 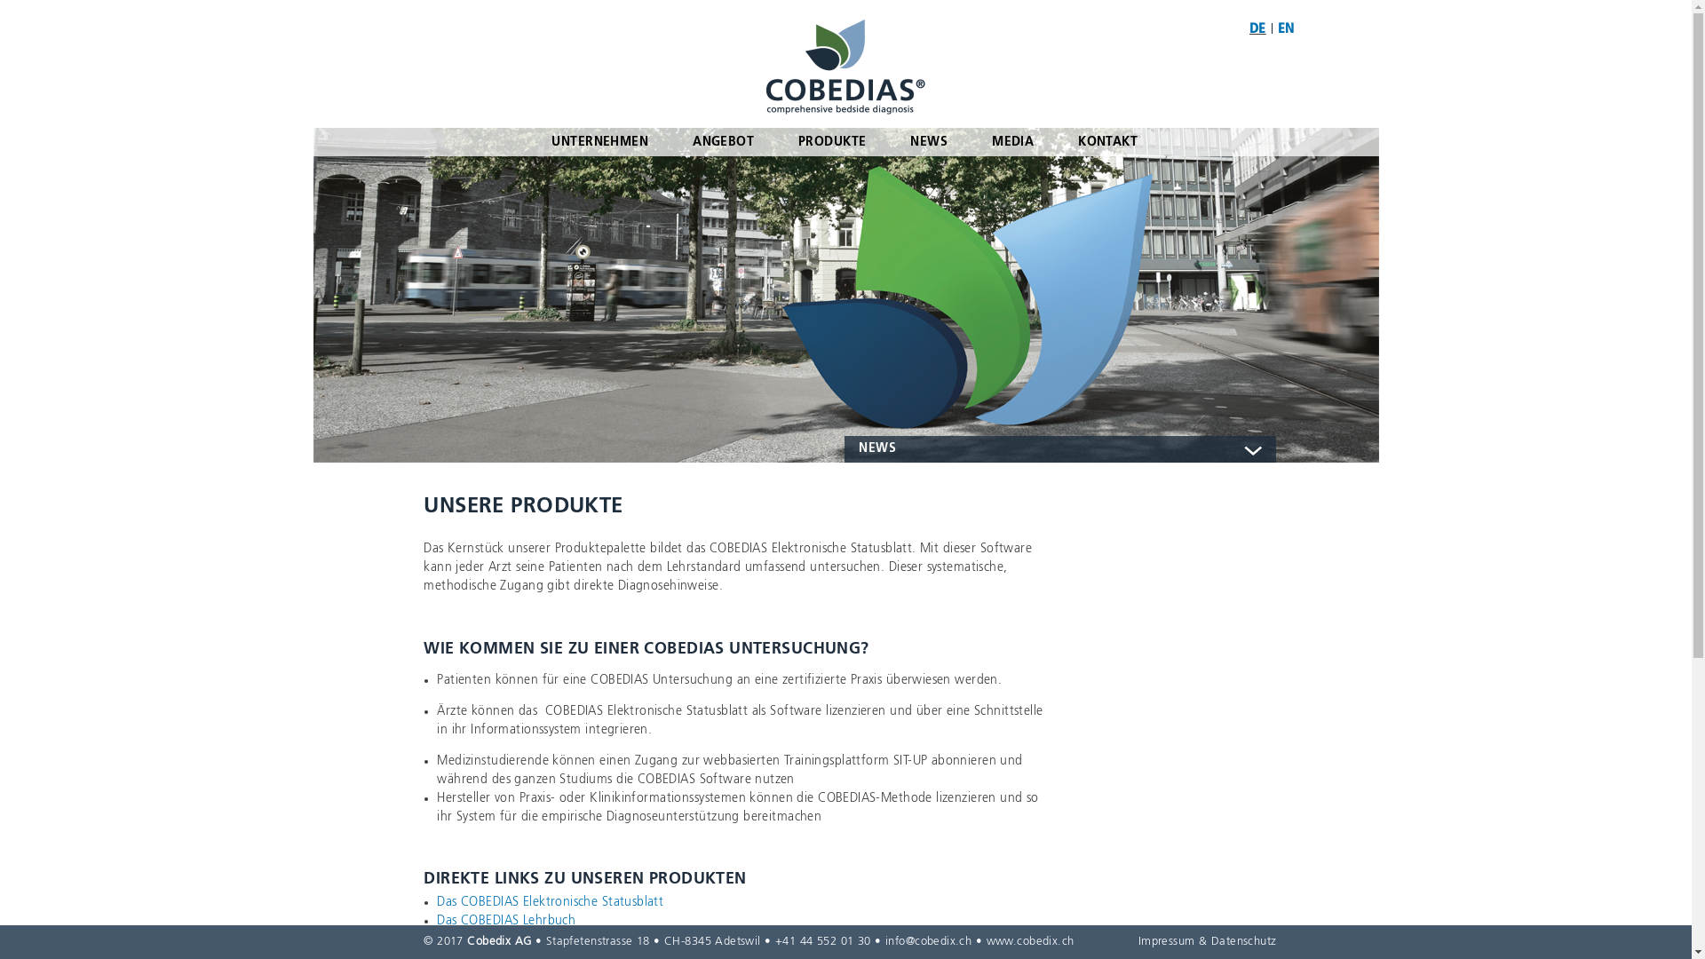 I want to click on 'SIT-UP', so click(x=454, y=938).